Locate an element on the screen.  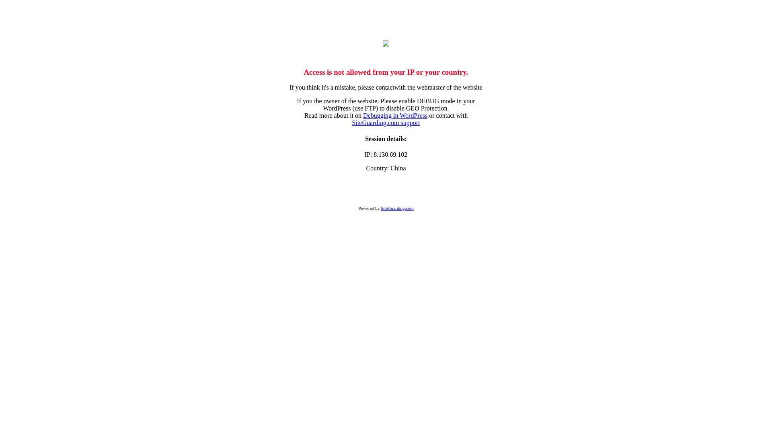
'SiteGuarding.com support' is located at coordinates (386, 123).